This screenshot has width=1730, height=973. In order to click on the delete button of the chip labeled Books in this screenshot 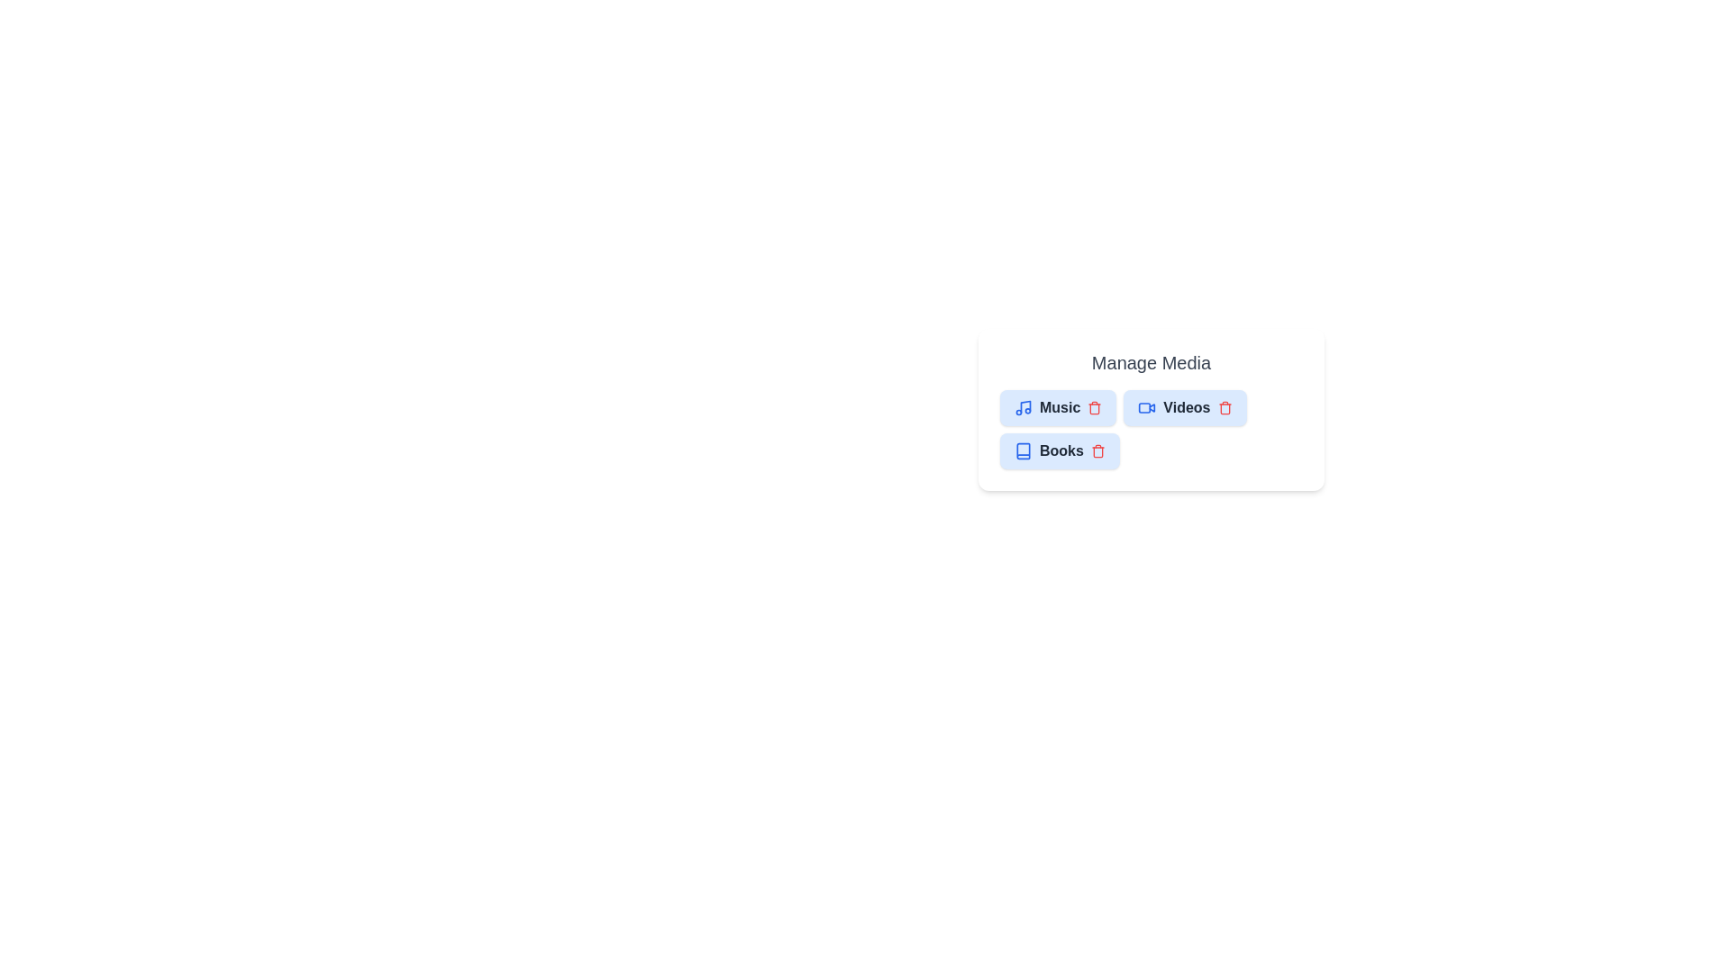, I will do `click(1097, 450)`.